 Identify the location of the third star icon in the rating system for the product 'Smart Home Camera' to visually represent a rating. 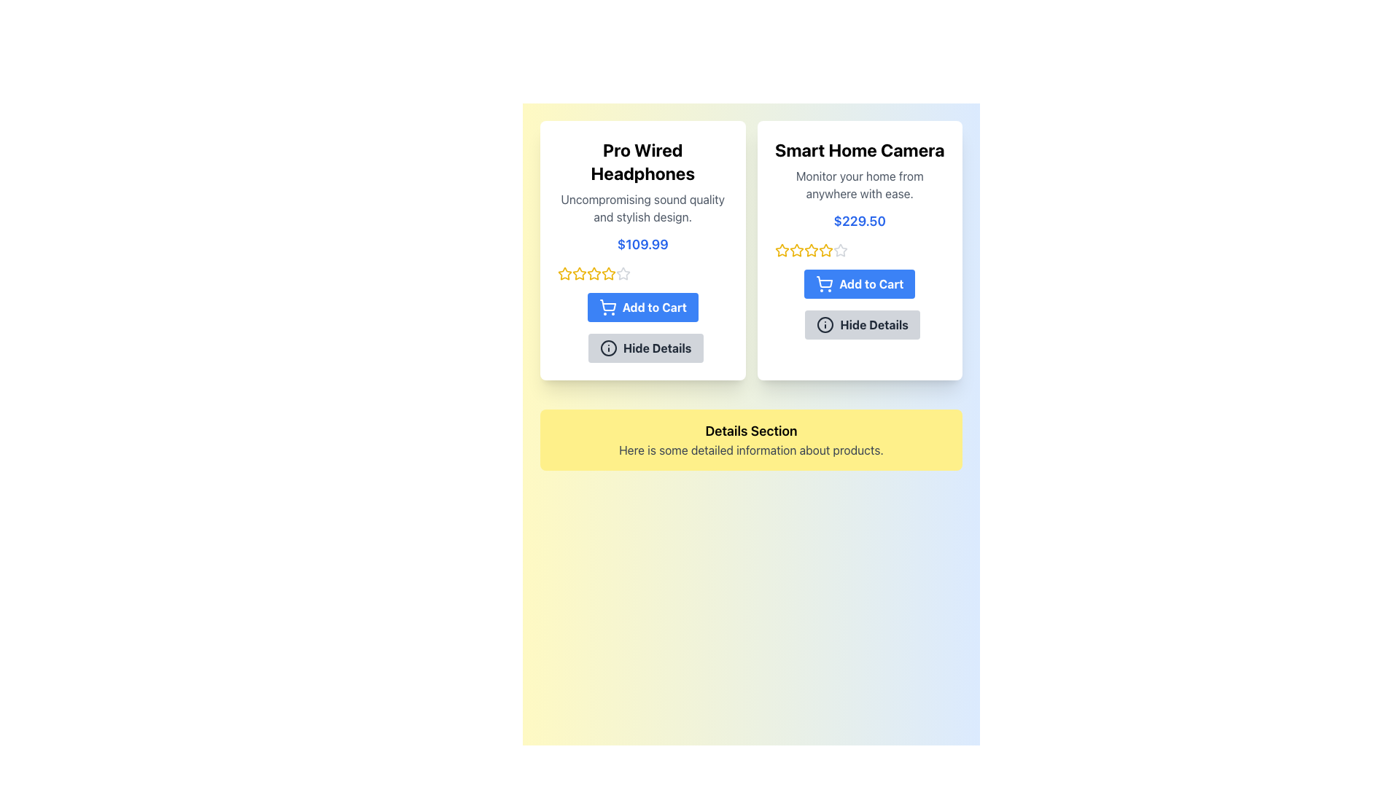
(825, 249).